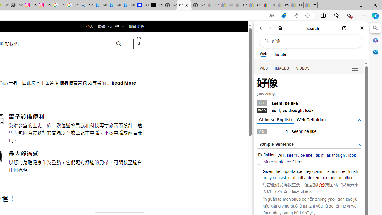 The image size is (382, 215). Describe the element at coordinates (309, 110) in the screenshot. I see `'Webas if; as though; look'` at that location.